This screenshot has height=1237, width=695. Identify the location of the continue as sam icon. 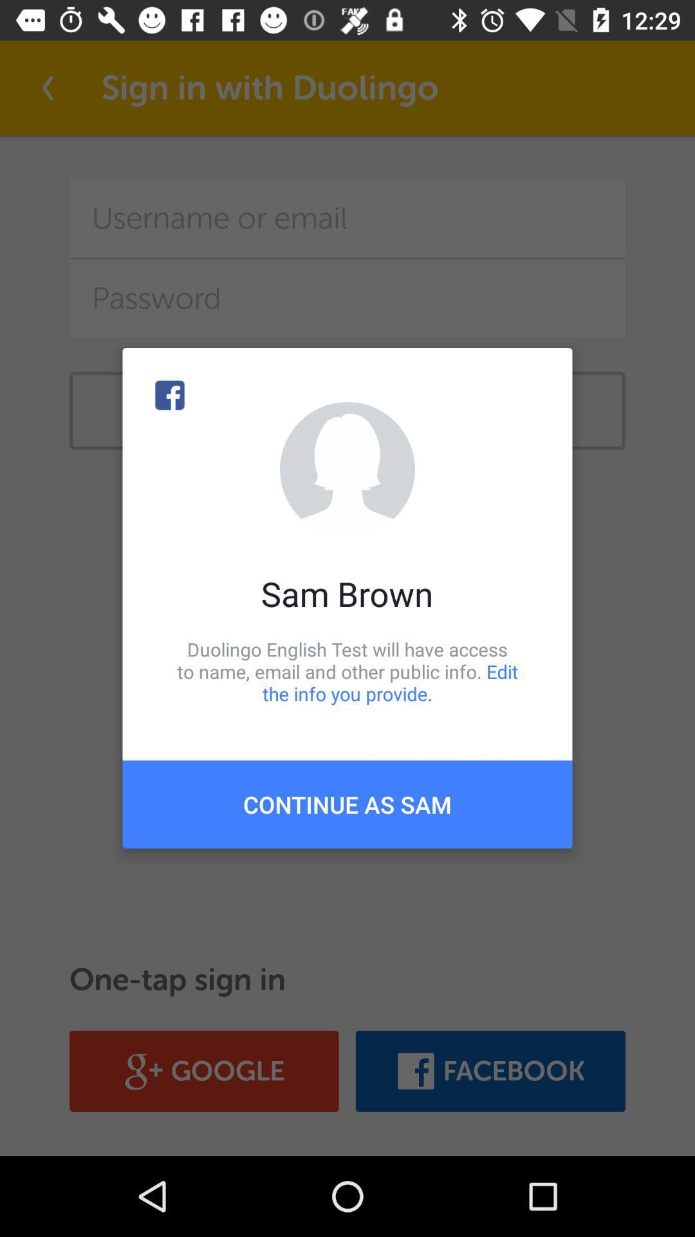
(347, 803).